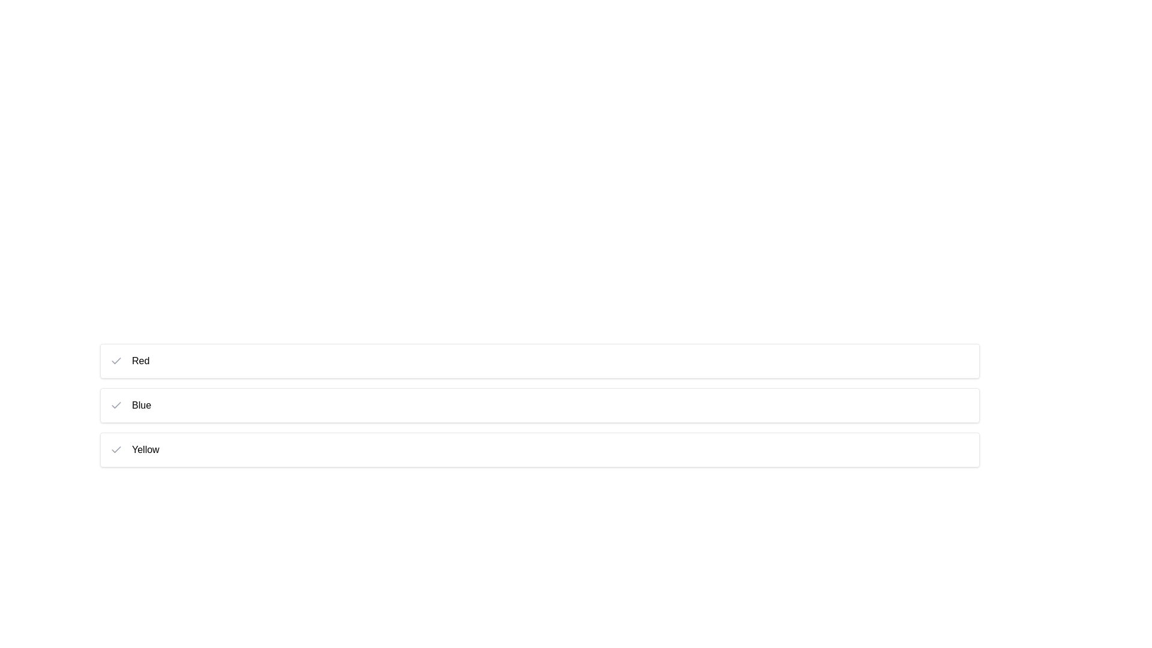 The image size is (1152, 648). Describe the element at coordinates (116, 449) in the screenshot. I see `the checkmark icon located to the left of the text 'Yellow', which is styled with a gray stroke and has a minimalistic design` at that location.